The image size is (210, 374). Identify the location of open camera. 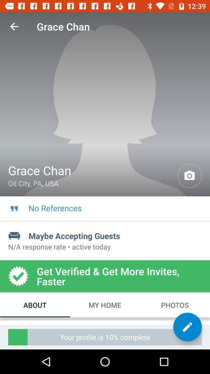
(189, 176).